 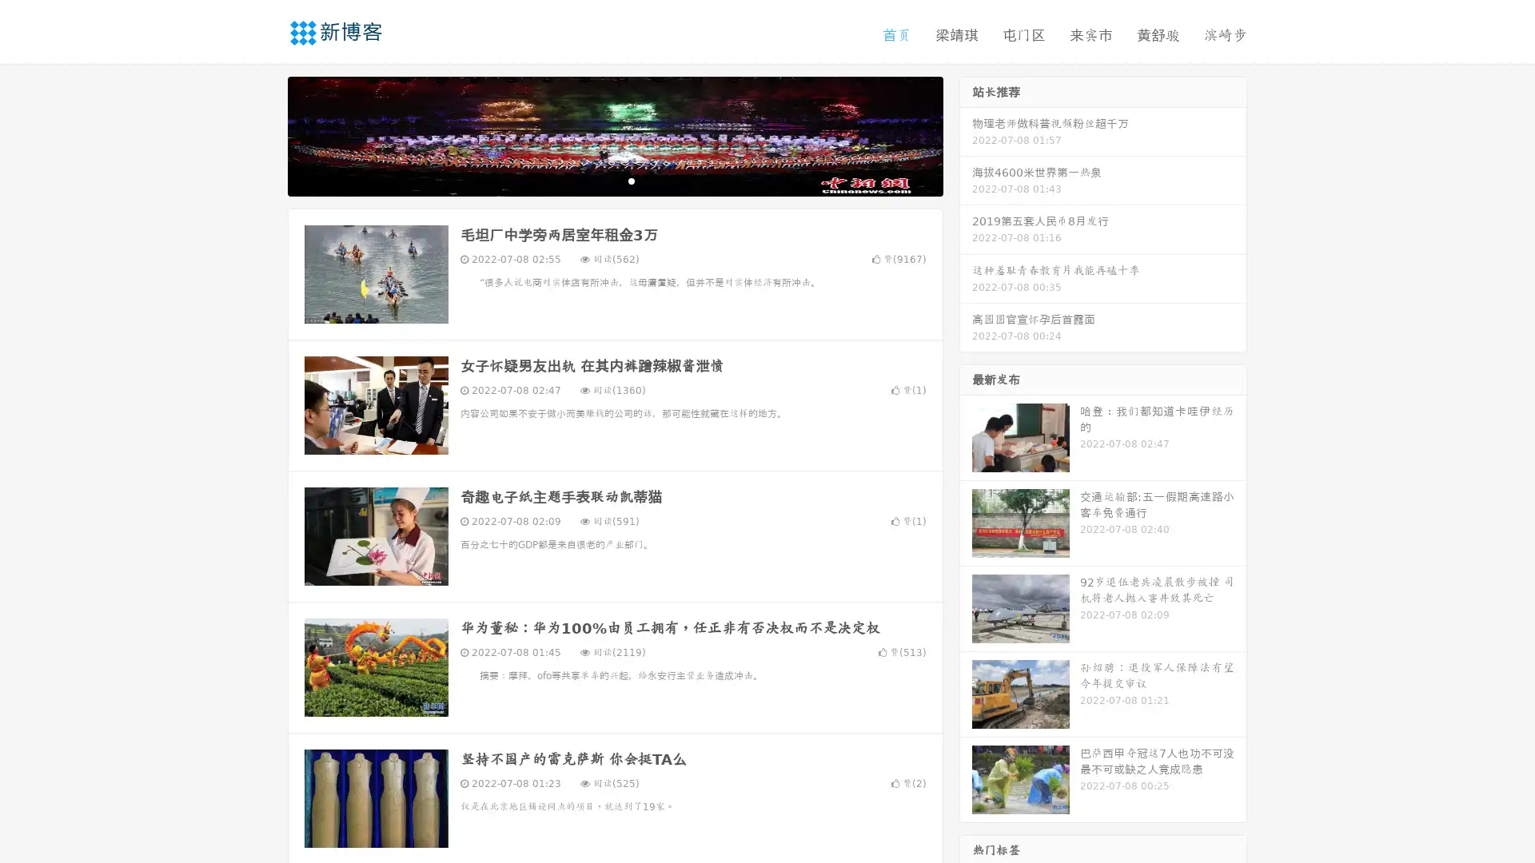 What do you see at coordinates (631, 180) in the screenshot?
I see `Go to slide 3` at bounding box center [631, 180].